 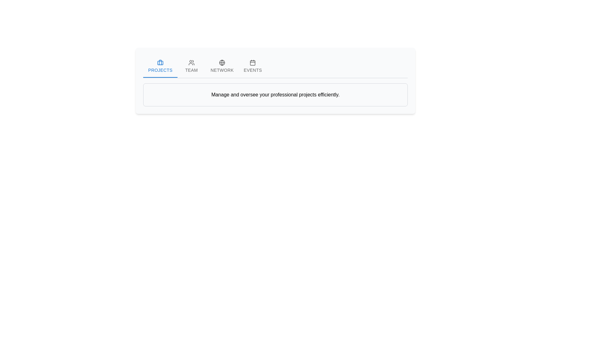 What do you see at coordinates (191, 66) in the screenshot?
I see `the 'Team' tab button, which is the second tab in a horizontal list of four tabs labeled 'Projects', 'Team', 'Network', and 'Events'` at bounding box center [191, 66].